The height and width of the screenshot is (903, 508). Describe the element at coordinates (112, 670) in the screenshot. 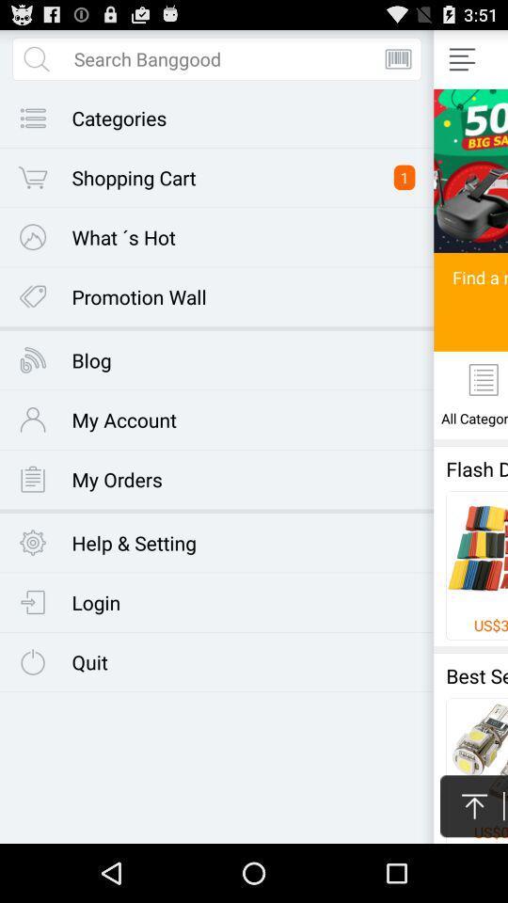

I see `quit` at that location.